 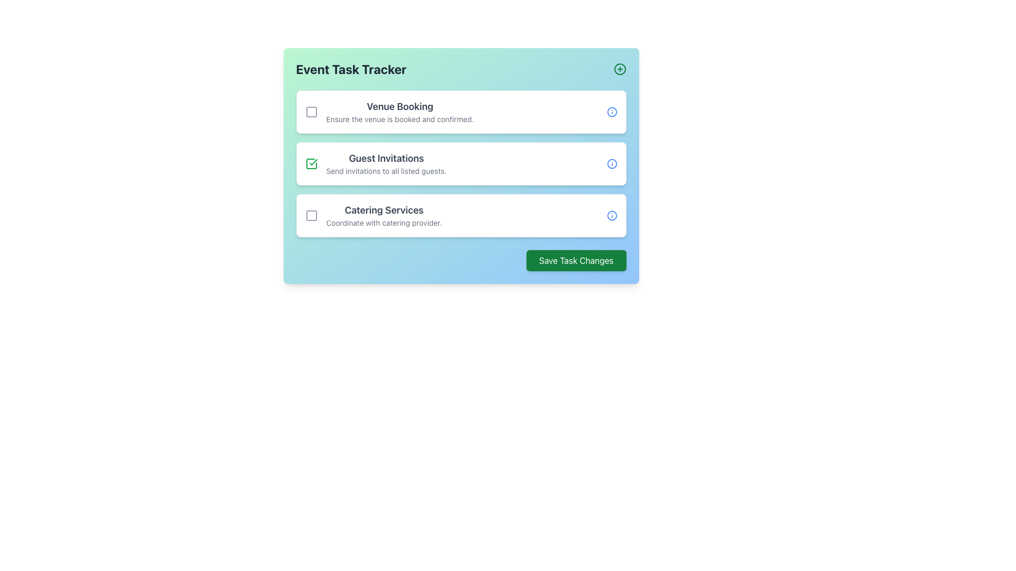 I want to click on the heading/label that describes the task item, located at the top of the list item with the subtitle 'Ensure the venue is booked and confirmed.', so click(x=400, y=106).